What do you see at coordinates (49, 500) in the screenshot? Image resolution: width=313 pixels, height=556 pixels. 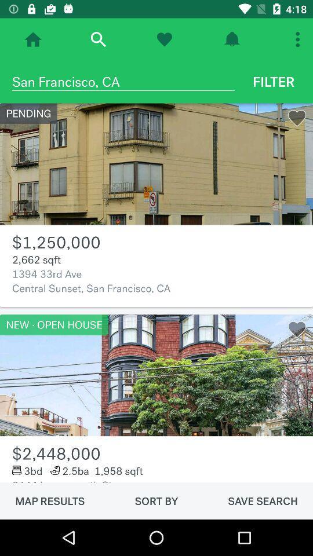 I see `map results item` at bounding box center [49, 500].